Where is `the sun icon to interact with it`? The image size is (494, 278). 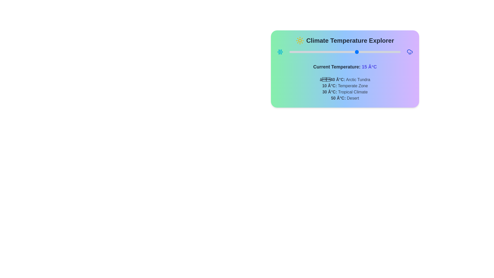 the sun icon to interact with it is located at coordinates (300, 40).